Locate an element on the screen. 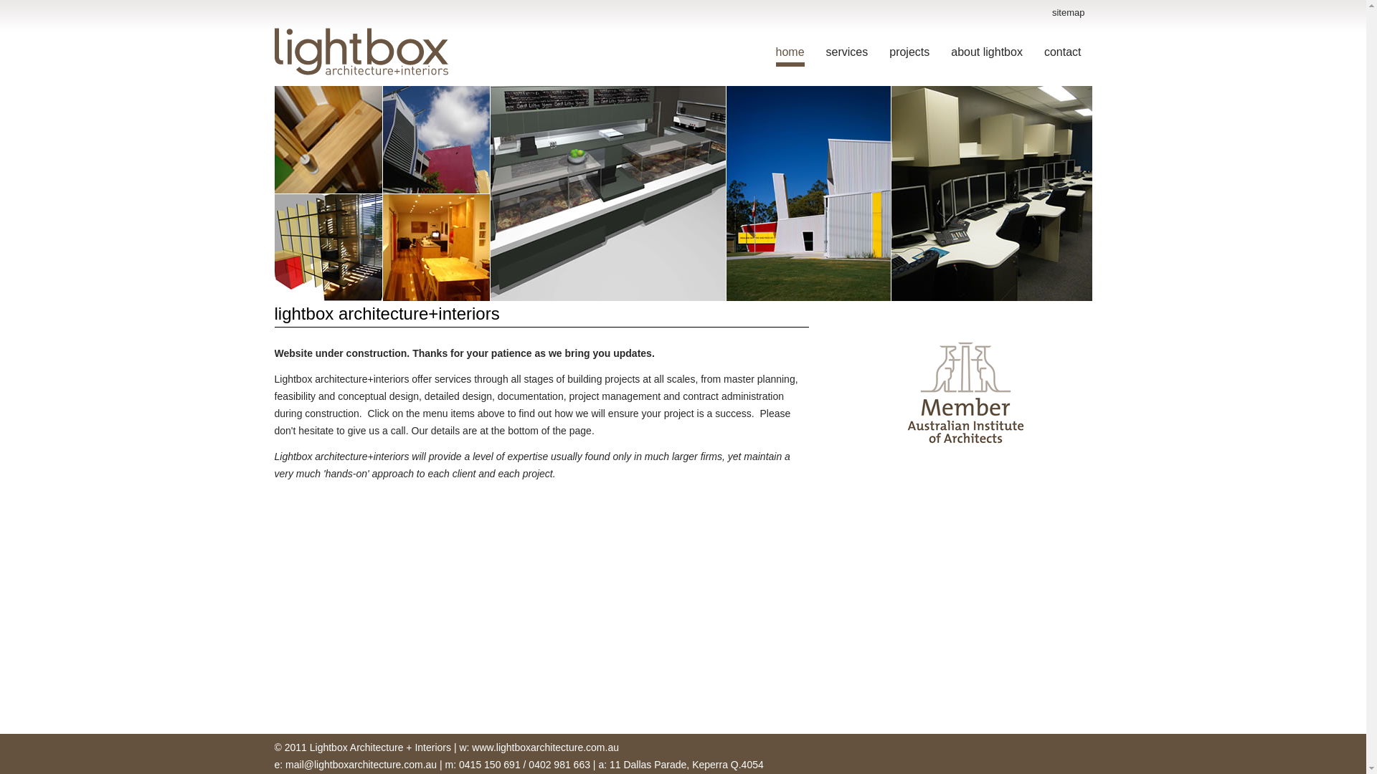 Image resolution: width=1377 pixels, height=774 pixels. 'home' is located at coordinates (790, 54).